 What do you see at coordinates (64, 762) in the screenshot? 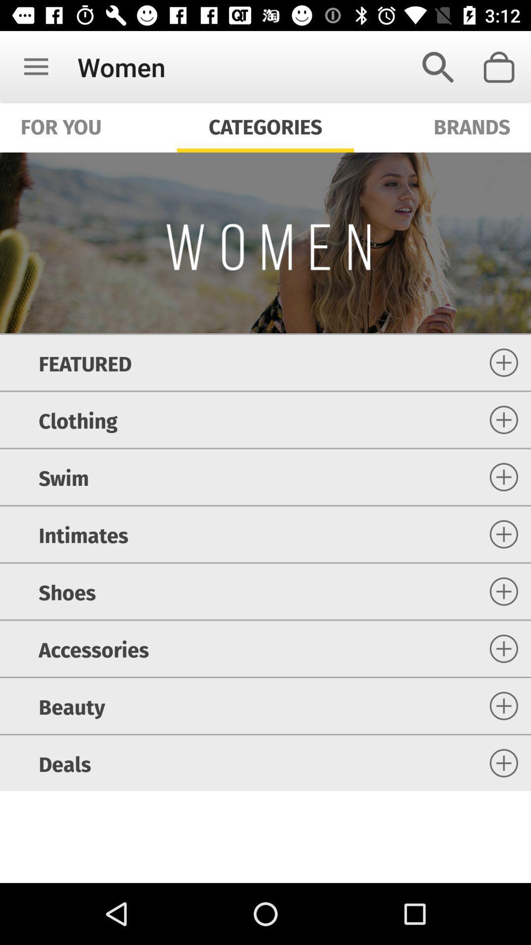
I see `the deals item` at bounding box center [64, 762].